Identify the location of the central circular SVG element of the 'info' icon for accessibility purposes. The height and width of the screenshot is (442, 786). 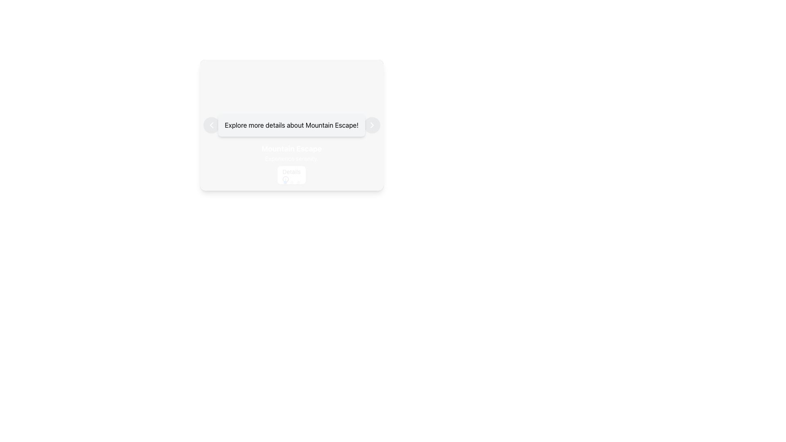
(286, 179).